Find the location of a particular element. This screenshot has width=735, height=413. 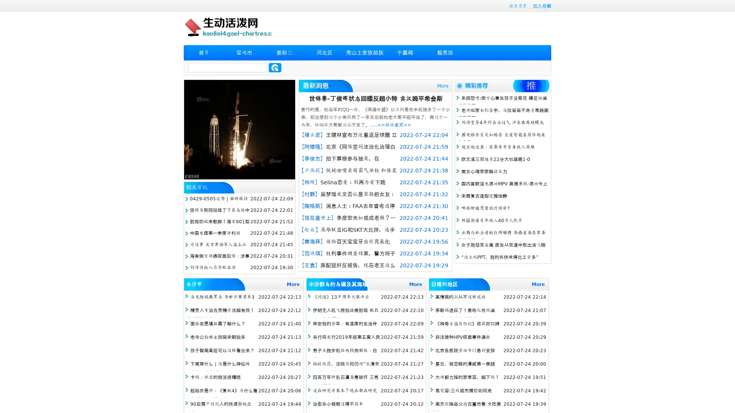

Search is located at coordinates (275, 67).